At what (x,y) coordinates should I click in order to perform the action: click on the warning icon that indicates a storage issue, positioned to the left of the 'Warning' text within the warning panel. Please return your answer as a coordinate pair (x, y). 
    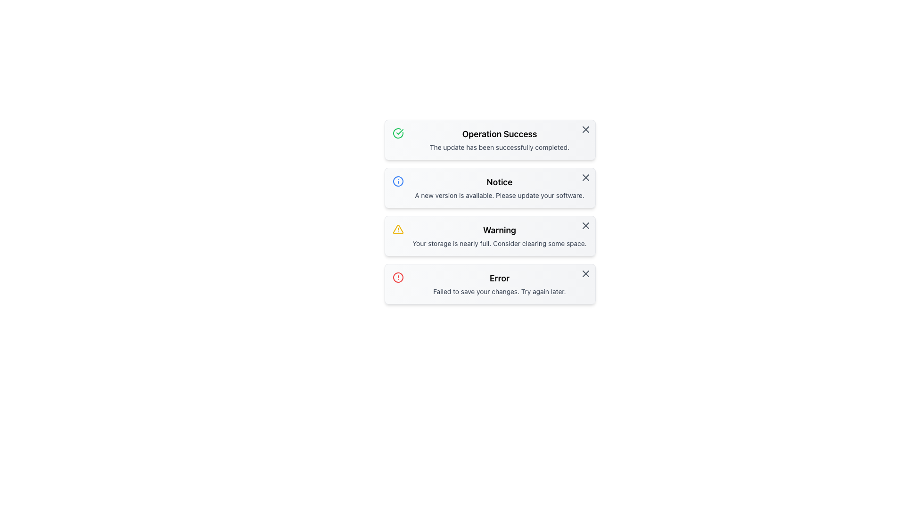
    Looking at the image, I should click on (398, 229).